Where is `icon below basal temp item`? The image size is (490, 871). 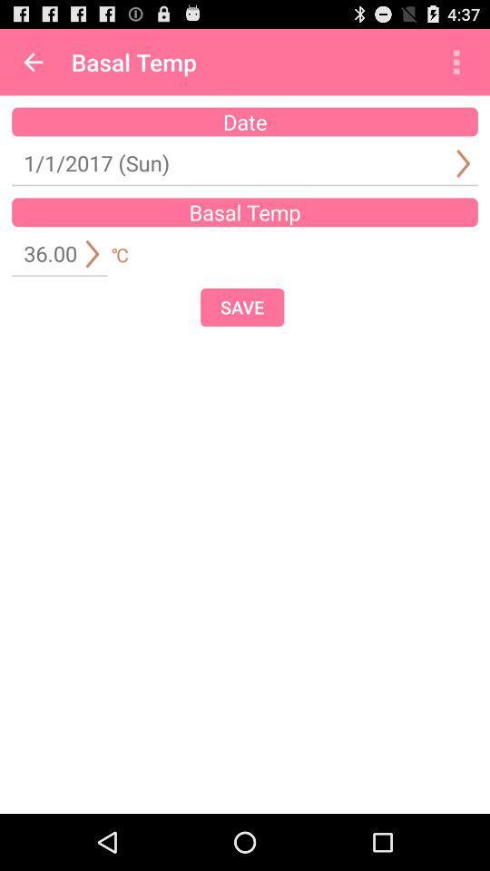
icon below basal temp item is located at coordinates (242, 307).